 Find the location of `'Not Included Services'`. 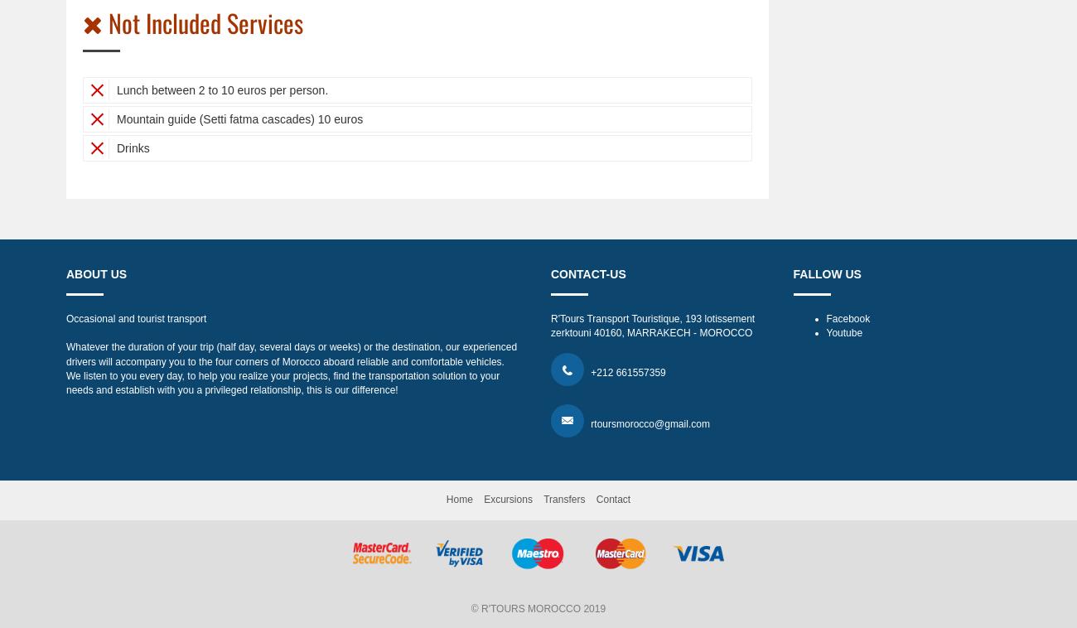

'Not Included Services' is located at coordinates (202, 21).